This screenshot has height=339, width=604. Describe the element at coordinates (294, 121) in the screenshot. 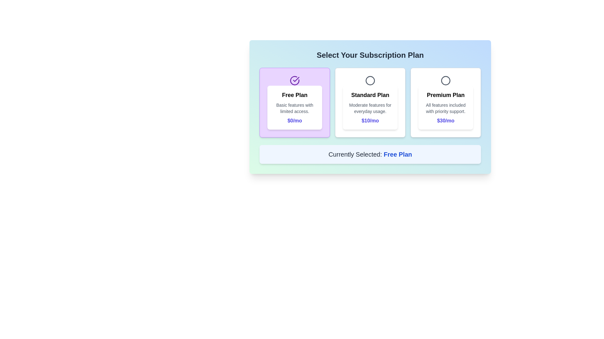

I see `the static text display that shows '$0/mo' in bold indigo color, located at the bottom of the Free Plan card` at that location.